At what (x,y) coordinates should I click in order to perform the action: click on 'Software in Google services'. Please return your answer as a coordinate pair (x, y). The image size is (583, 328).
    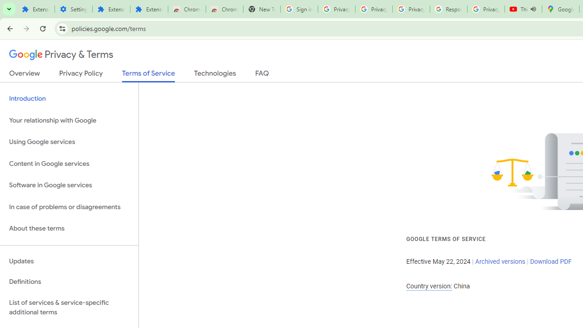
    Looking at the image, I should click on (69, 185).